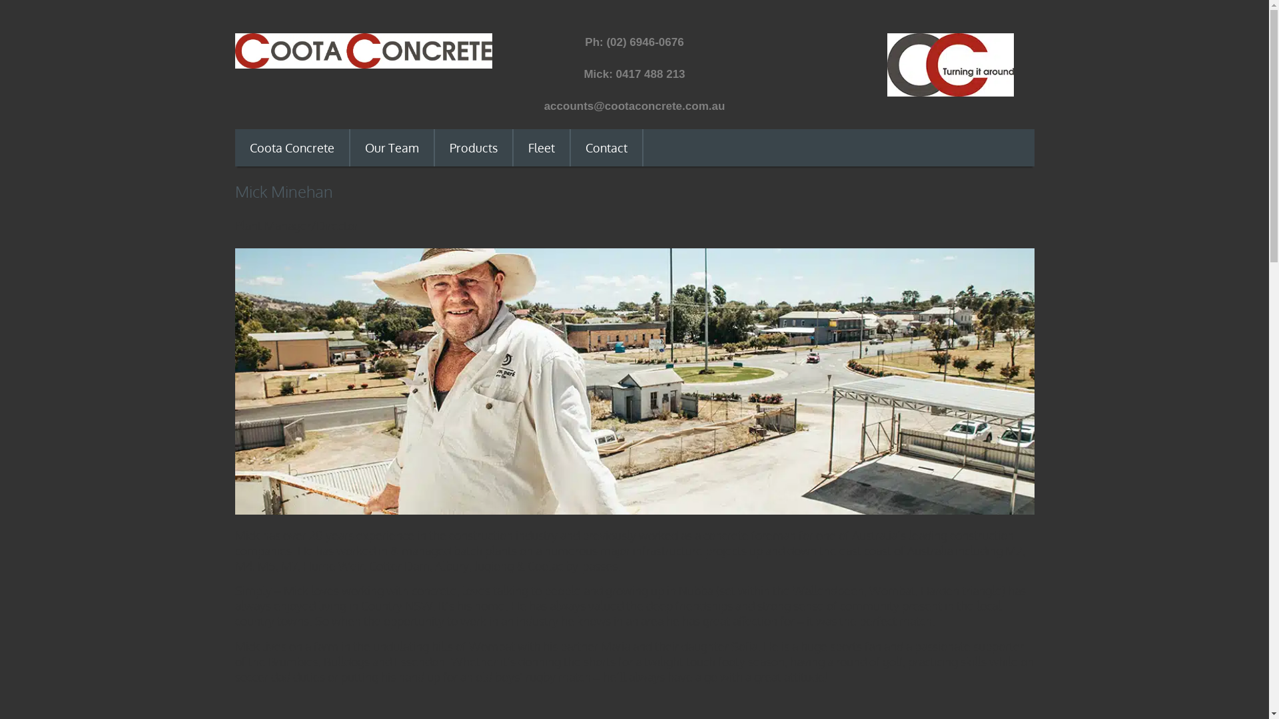 The image size is (1279, 719). I want to click on 'Our Team', so click(391, 148).